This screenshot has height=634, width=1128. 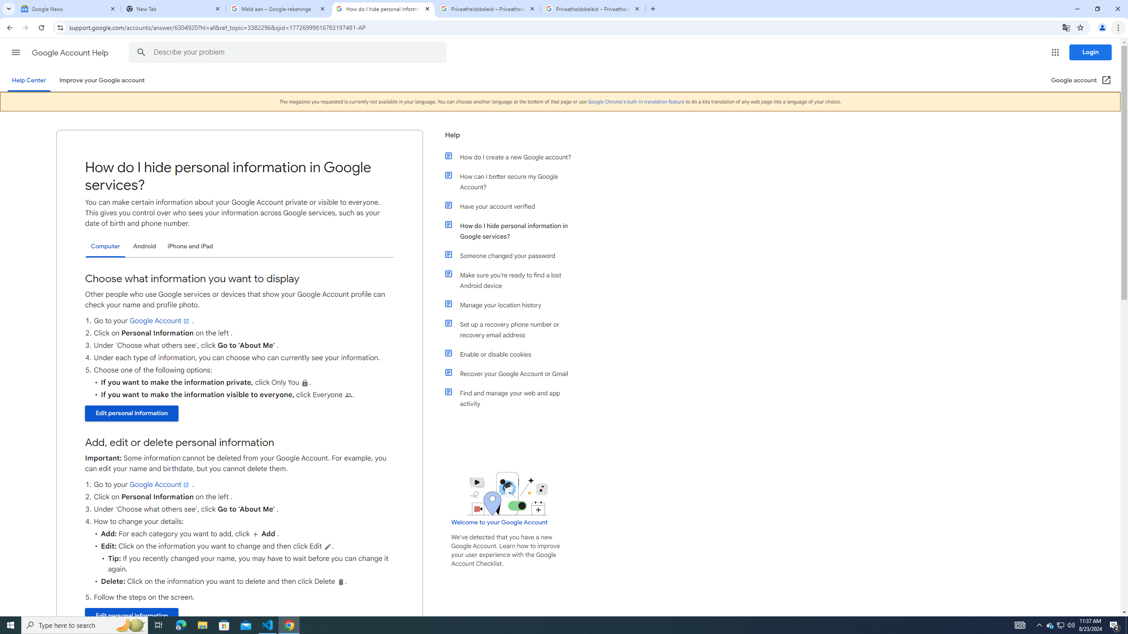 I want to click on 'Main menu', so click(x=15, y=52).